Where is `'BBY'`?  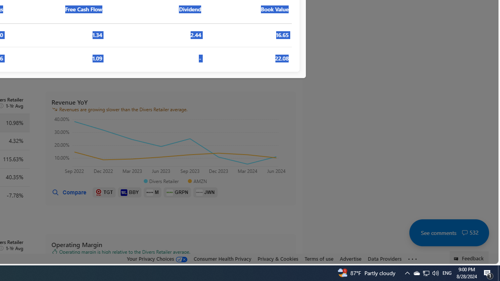 'BBY' is located at coordinates (130, 192).